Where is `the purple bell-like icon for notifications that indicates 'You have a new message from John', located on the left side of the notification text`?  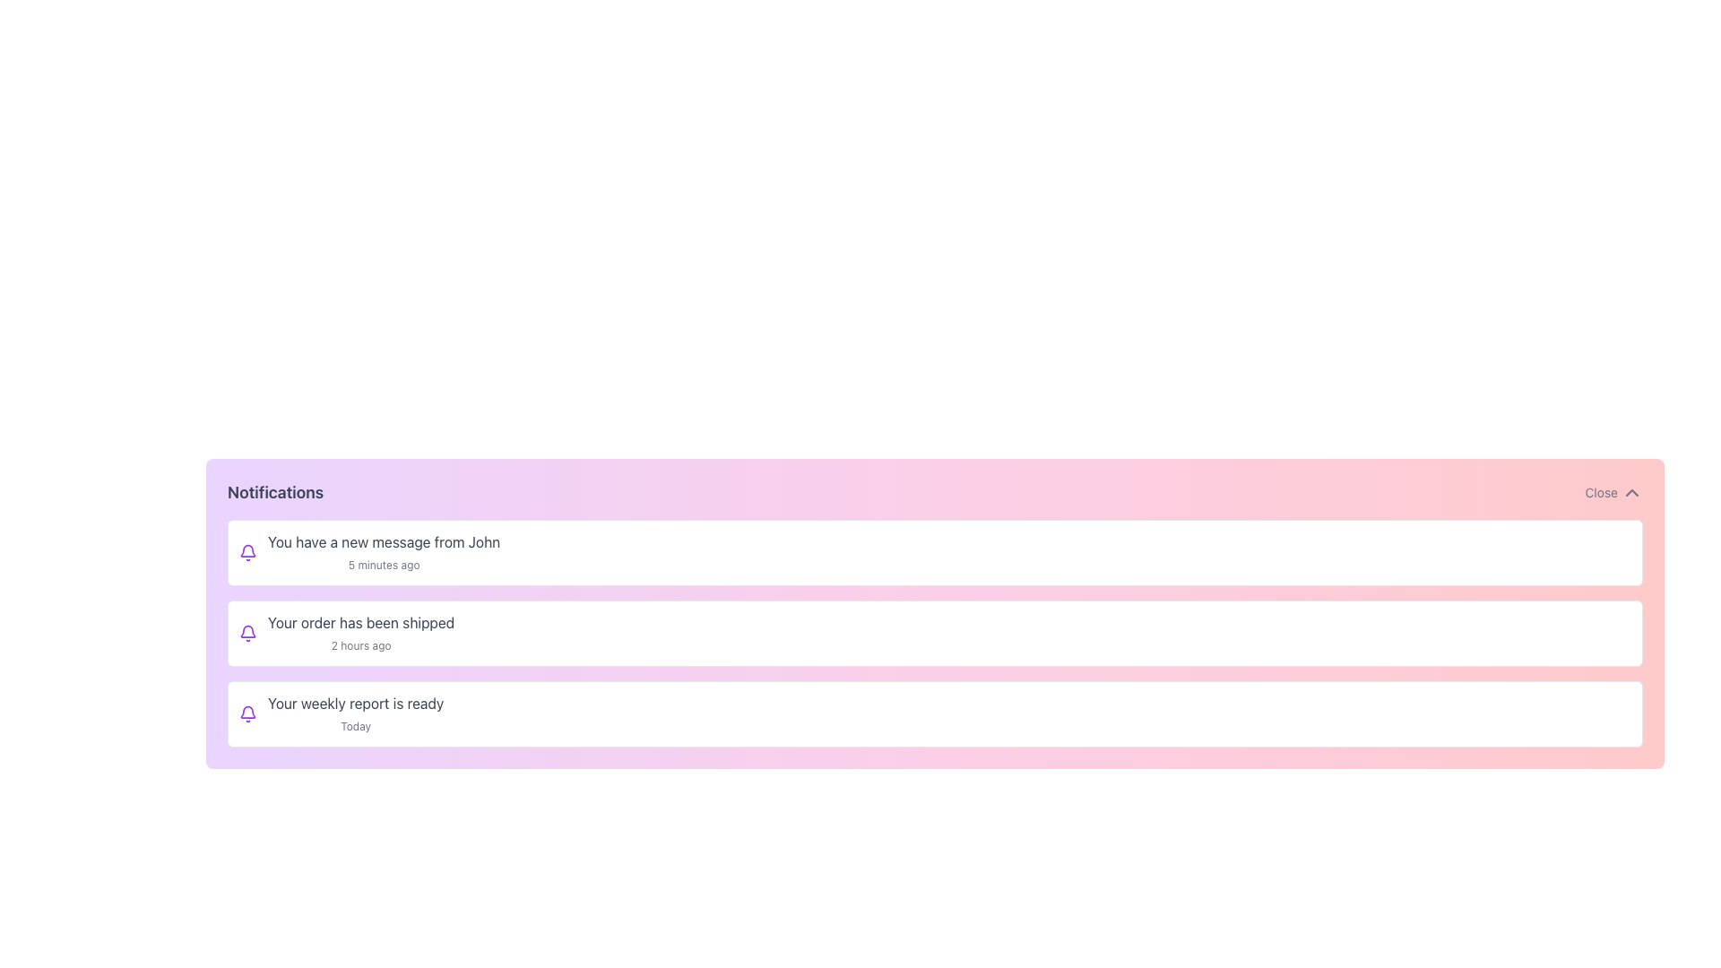
the purple bell-like icon for notifications that indicates 'You have a new message from John', located on the left side of the notification text is located at coordinates (247, 552).